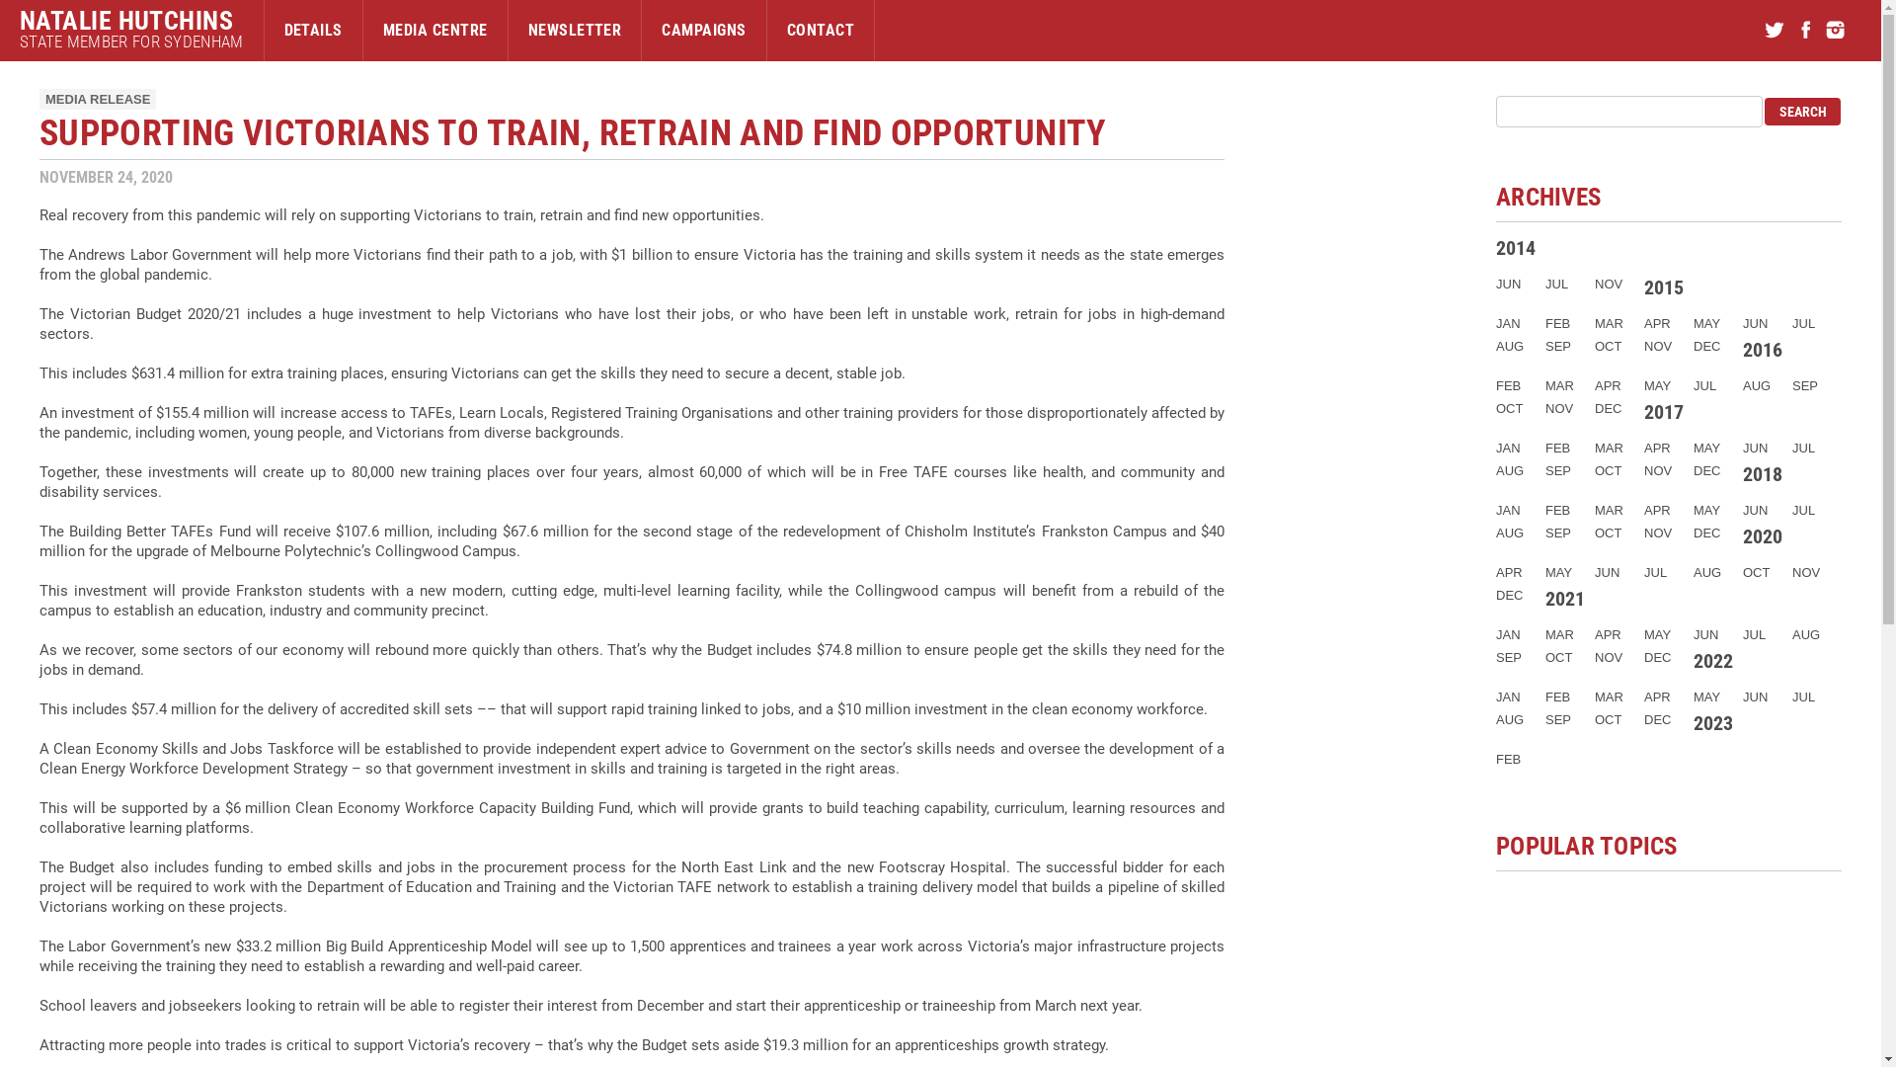 This screenshot has height=1067, width=1896. Describe the element at coordinates (1657, 385) in the screenshot. I see `'MAY'` at that location.